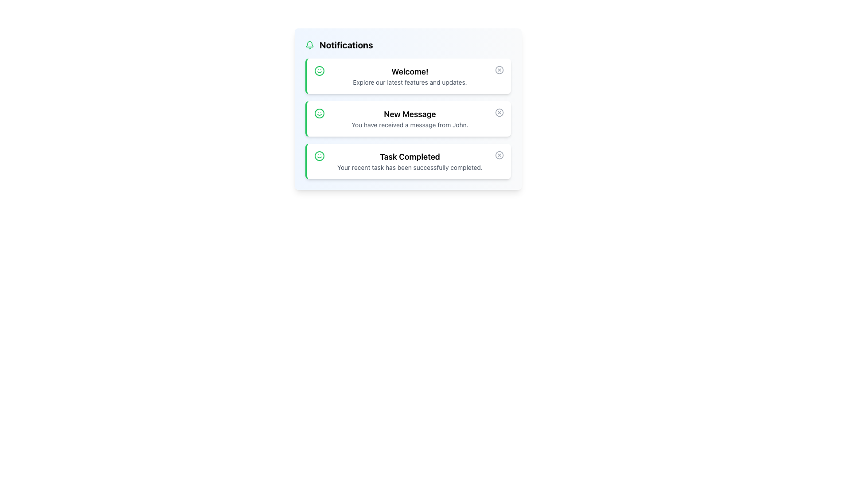 This screenshot has width=851, height=479. Describe the element at coordinates (408, 118) in the screenshot. I see `the Notification Box that informs the user about a new message, displaying the title 'New Message' and details 'You have received a message from John.'` at that location.